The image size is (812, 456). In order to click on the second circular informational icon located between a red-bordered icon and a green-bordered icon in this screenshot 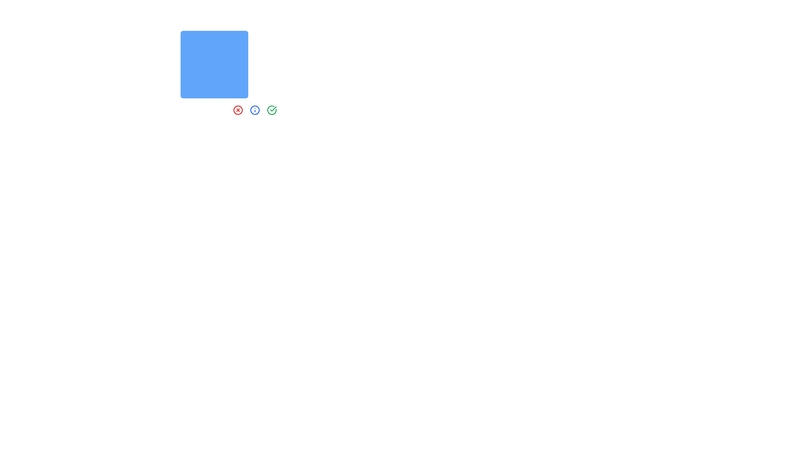, I will do `click(255, 110)`.